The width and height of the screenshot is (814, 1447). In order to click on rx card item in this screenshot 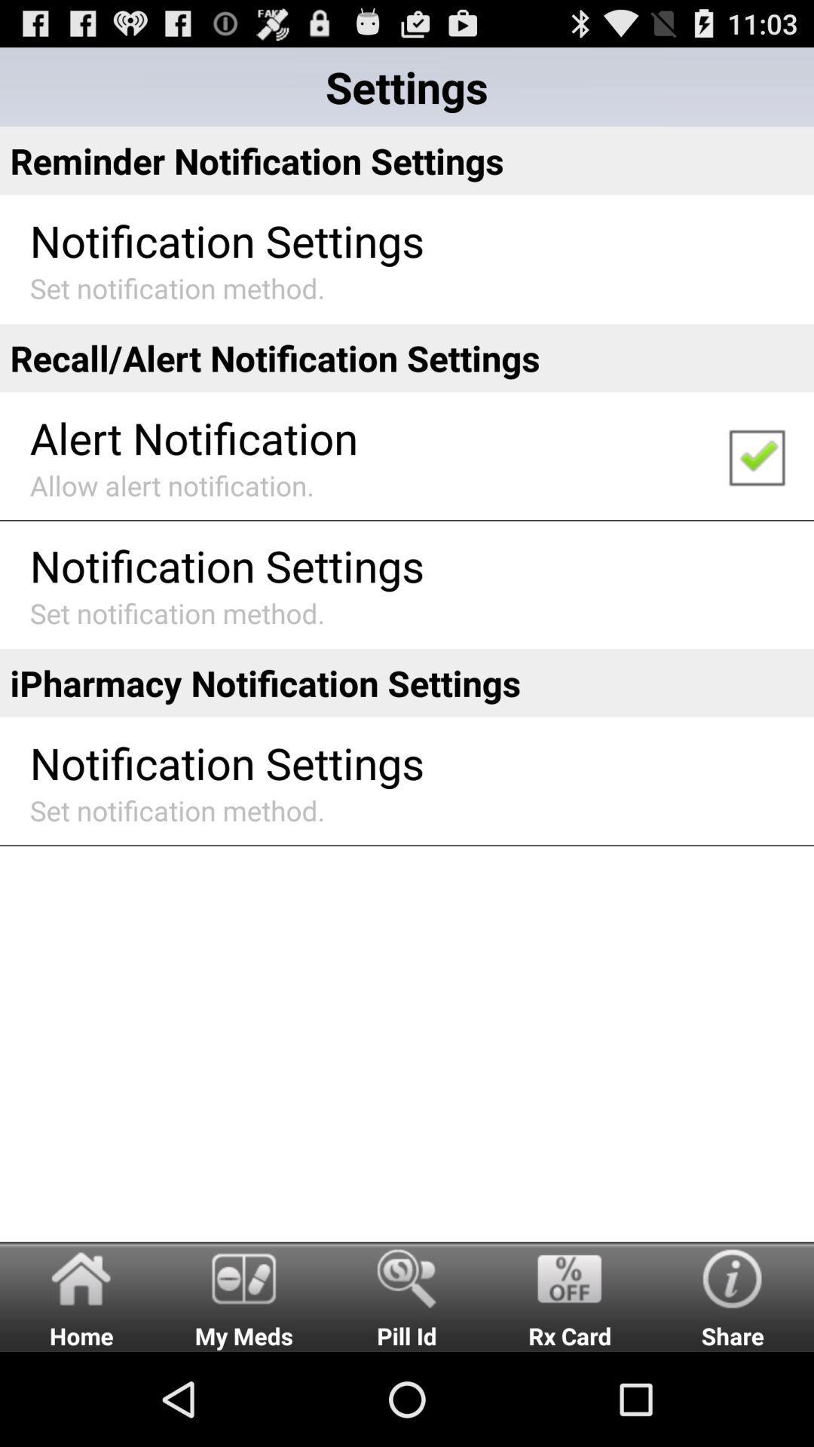, I will do `click(570, 1296)`.